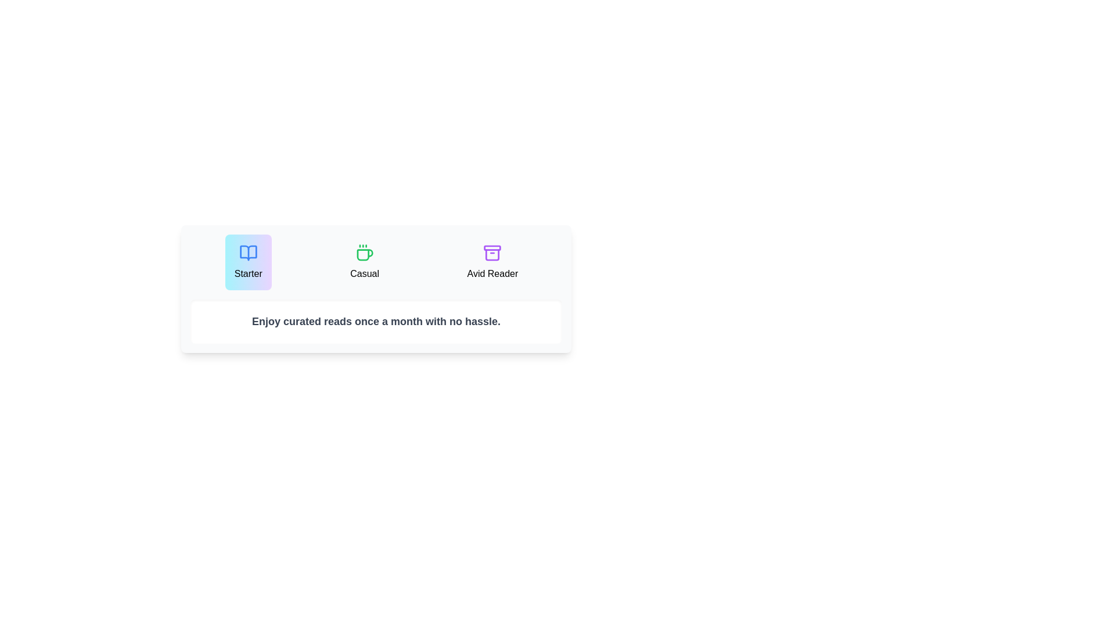  What do you see at coordinates (364, 262) in the screenshot?
I see `the plan Casual to inspect its description` at bounding box center [364, 262].